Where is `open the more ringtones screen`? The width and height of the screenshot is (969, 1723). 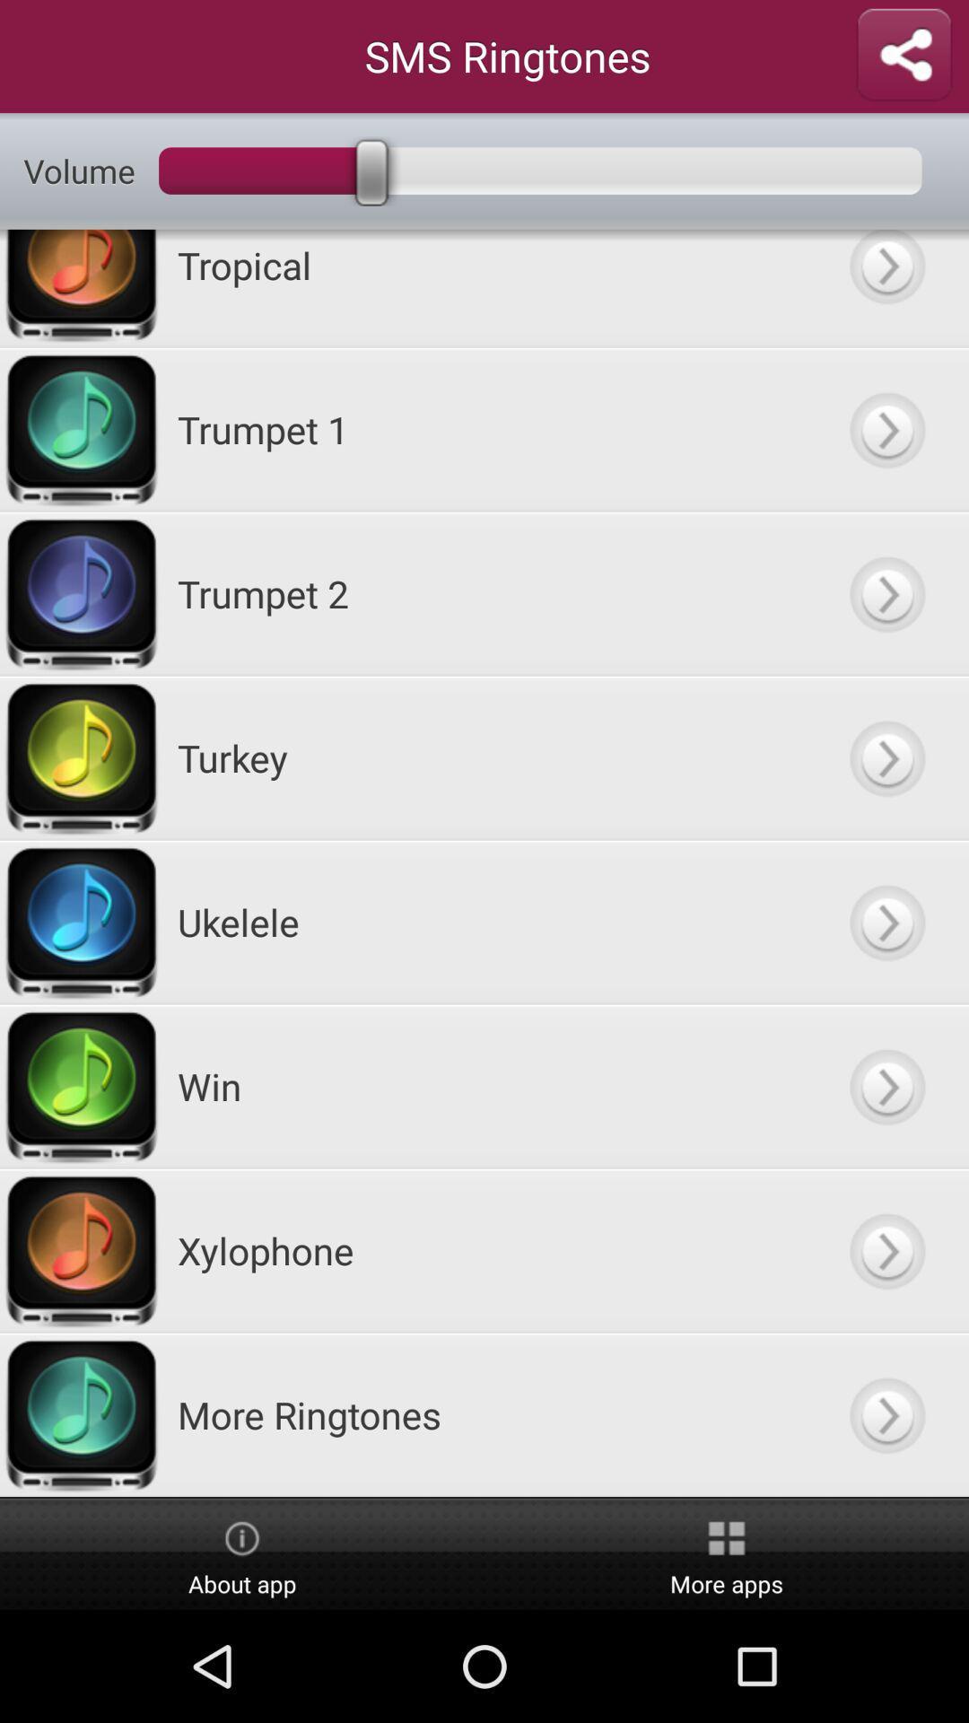 open the more ringtones screen is located at coordinates (886, 1413).